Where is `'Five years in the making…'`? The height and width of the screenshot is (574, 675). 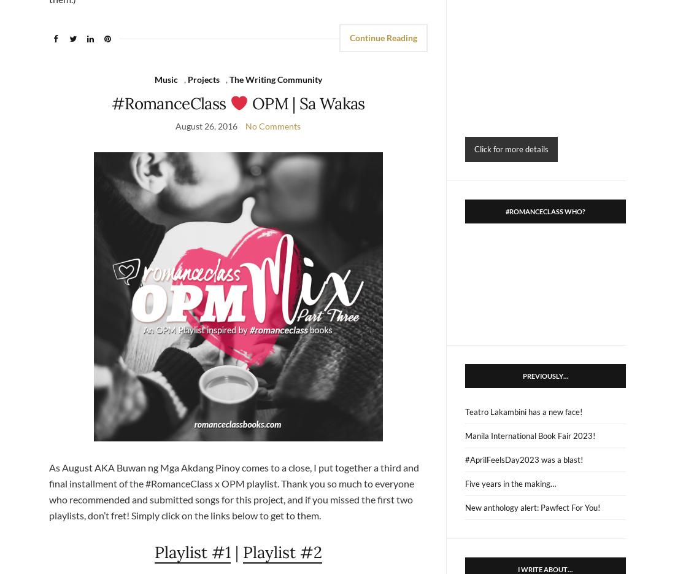
'Five years in the making…' is located at coordinates (509, 482).